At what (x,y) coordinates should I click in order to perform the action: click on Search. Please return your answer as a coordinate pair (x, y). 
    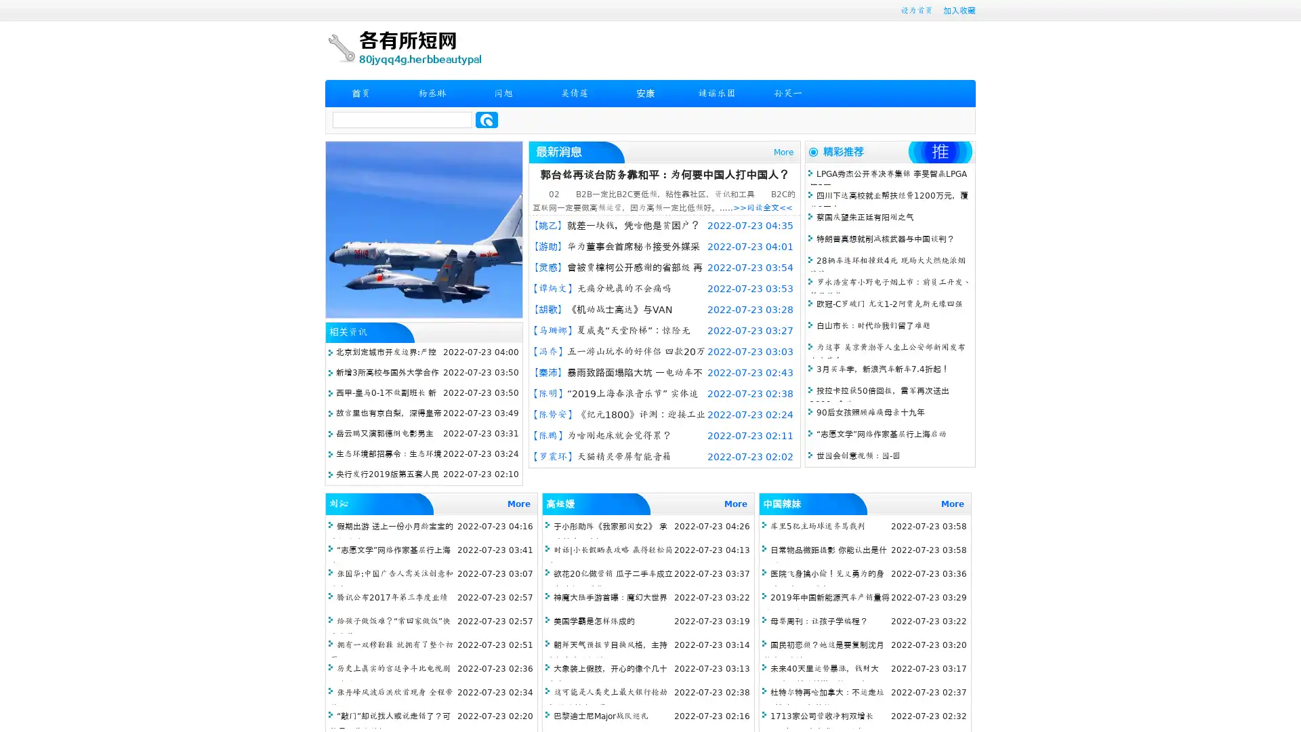
    Looking at the image, I should click on (487, 119).